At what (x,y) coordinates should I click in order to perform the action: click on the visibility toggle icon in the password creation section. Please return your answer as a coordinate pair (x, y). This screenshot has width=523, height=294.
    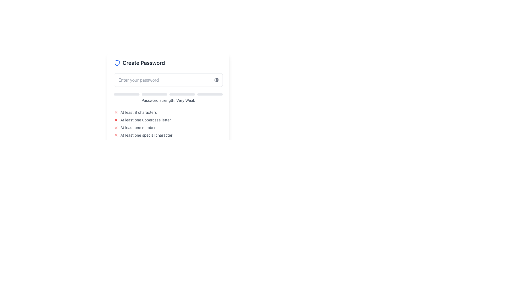
    Looking at the image, I should click on (168, 99).